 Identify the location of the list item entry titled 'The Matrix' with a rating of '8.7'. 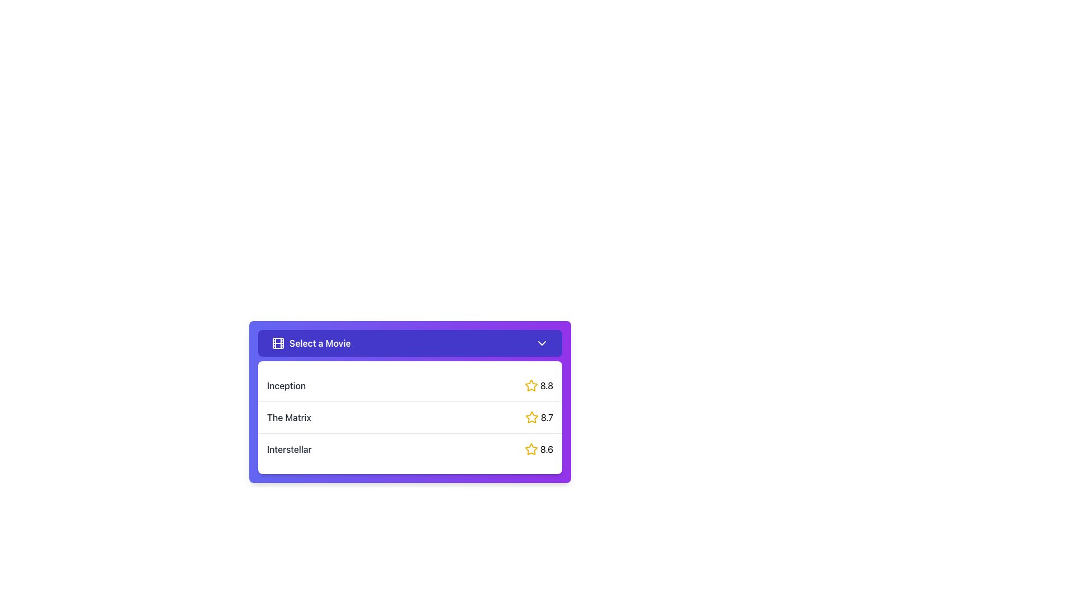
(410, 417).